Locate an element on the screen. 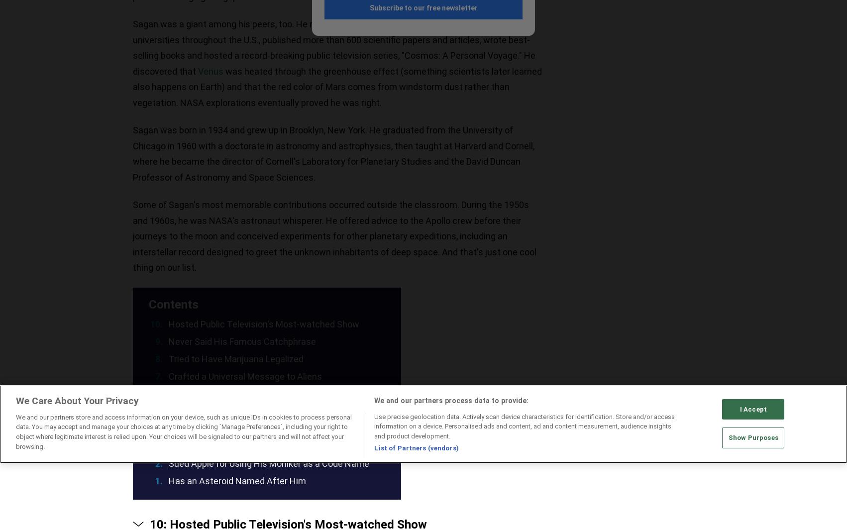 This screenshot has width=847, height=532. 'Has an Asteroid Named After Him' is located at coordinates (169, 480).